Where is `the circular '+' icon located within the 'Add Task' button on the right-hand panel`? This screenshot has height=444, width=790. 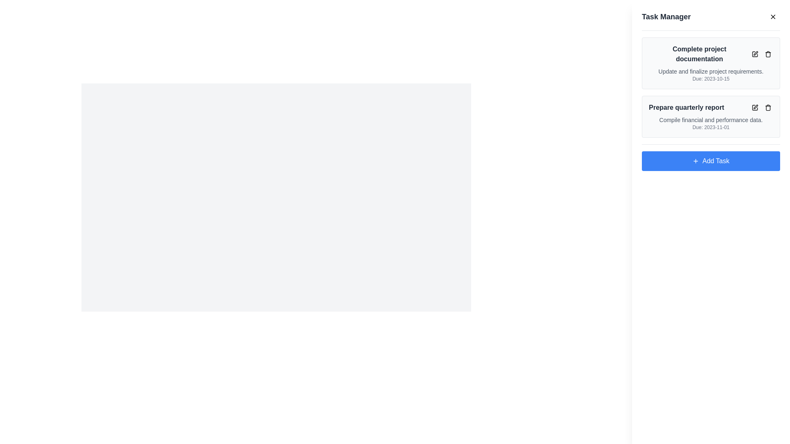 the circular '+' icon located within the 'Add Task' button on the right-hand panel is located at coordinates (695, 161).